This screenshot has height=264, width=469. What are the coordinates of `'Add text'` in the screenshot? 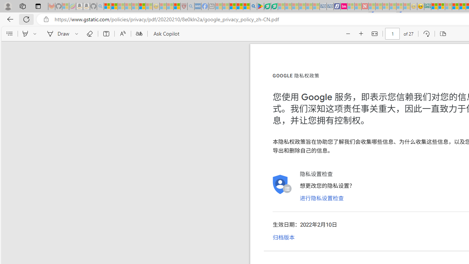 It's located at (106, 34).